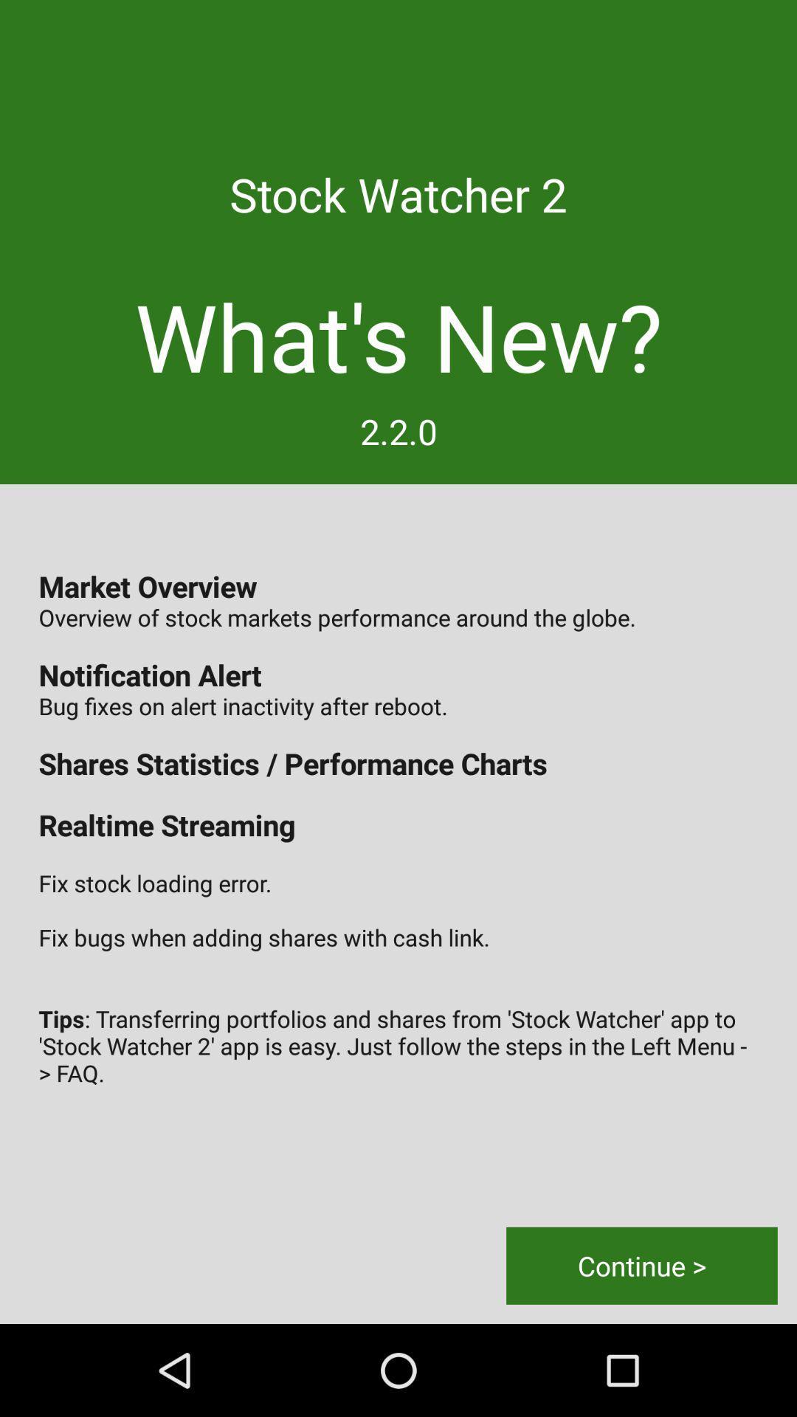 The image size is (797, 1417). I want to click on the item at the bottom right corner, so click(641, 1265).